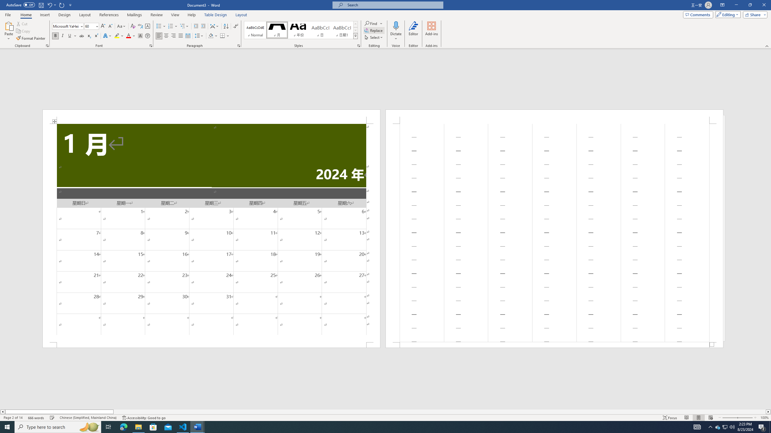 The width and height of the screenshot is (771, 433). I want to click on 'Web Layout', so click(711, 418).